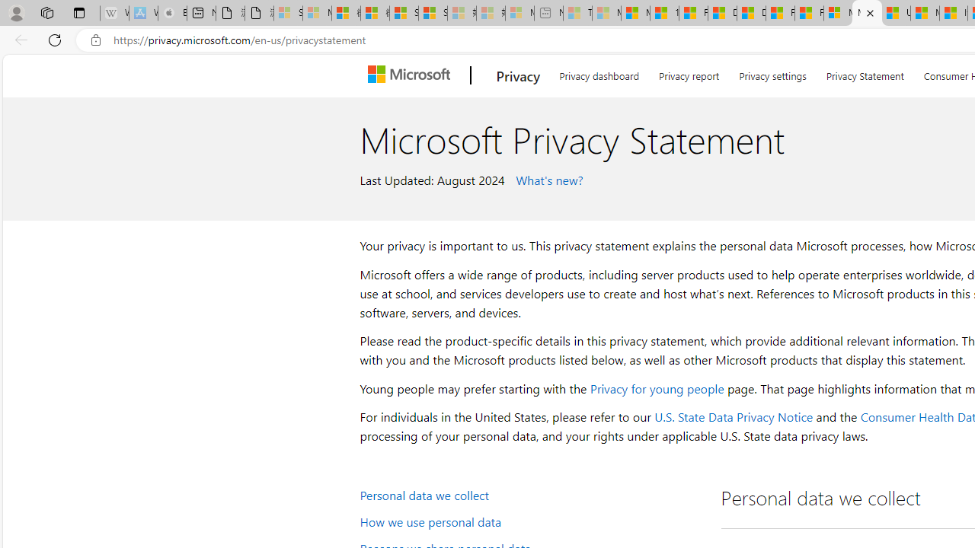 The image size is (975, 548). Describe the element at coordinates (598, 73) in the screenshot. I see `'Privacy dashboard'` at that location.